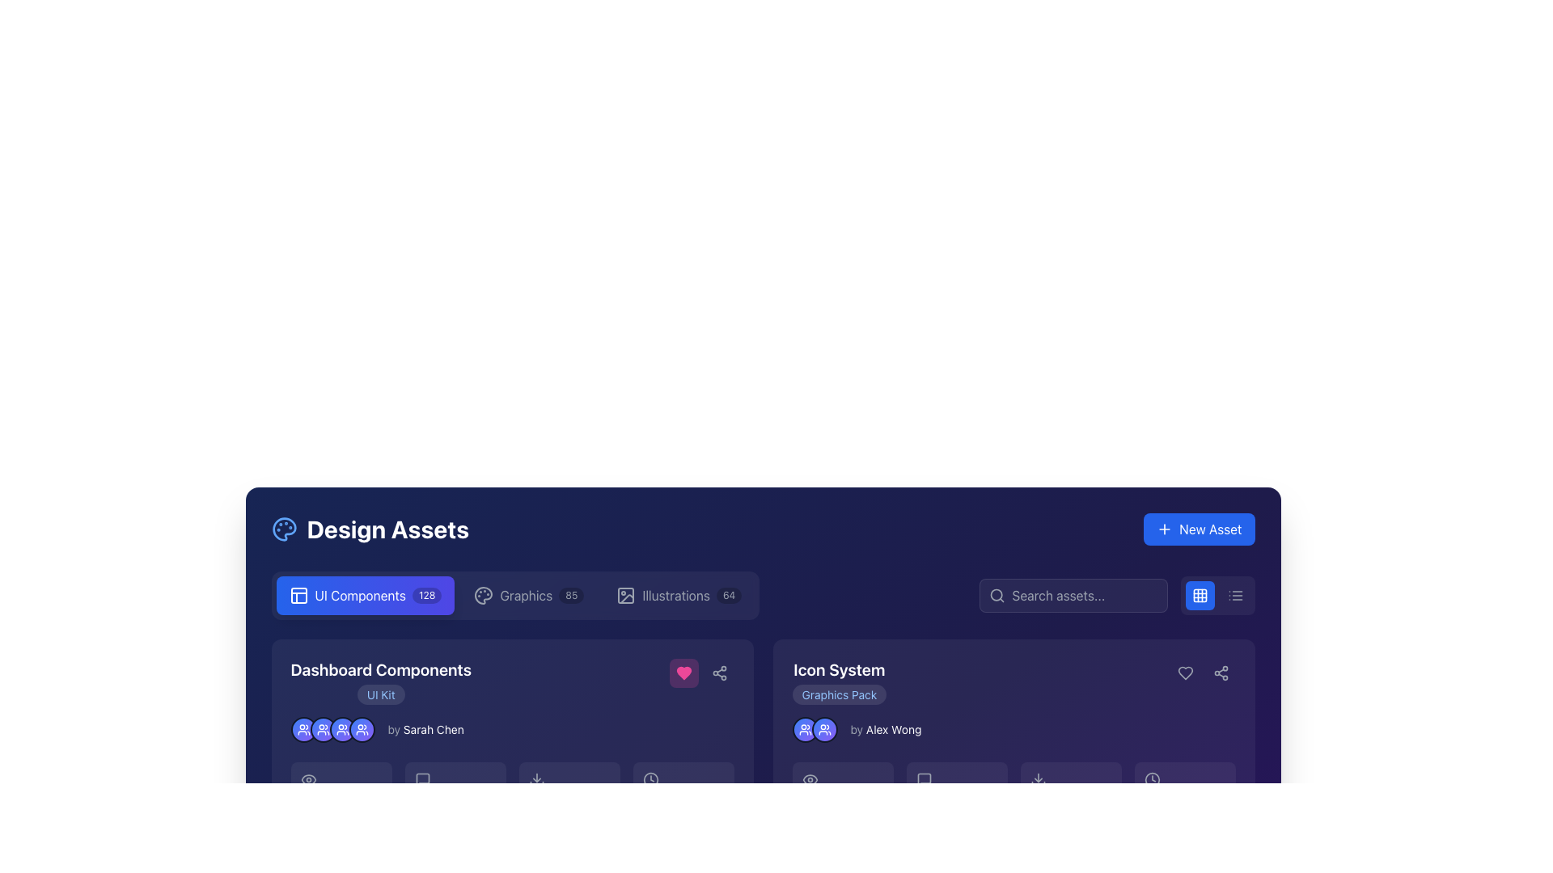 The image size is (1553, 873). I want to click on the decorative icon representing design or creativity, located to the left of the 'Design Assets' text, so click(284, 529).